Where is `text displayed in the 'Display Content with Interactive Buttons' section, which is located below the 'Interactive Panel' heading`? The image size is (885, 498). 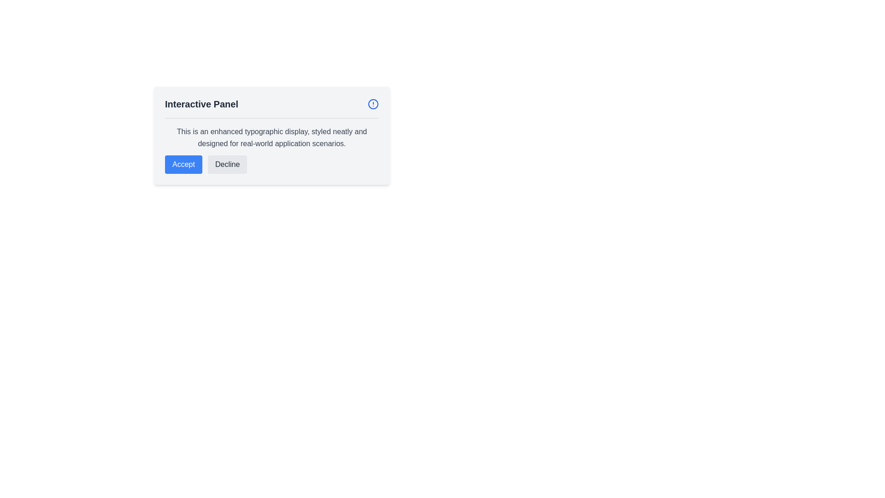
text displayed in the 'Display Content with Interactive Buttons' section, which is located below the 'Interactive Panel' heading is located at coordinates (271, 145).